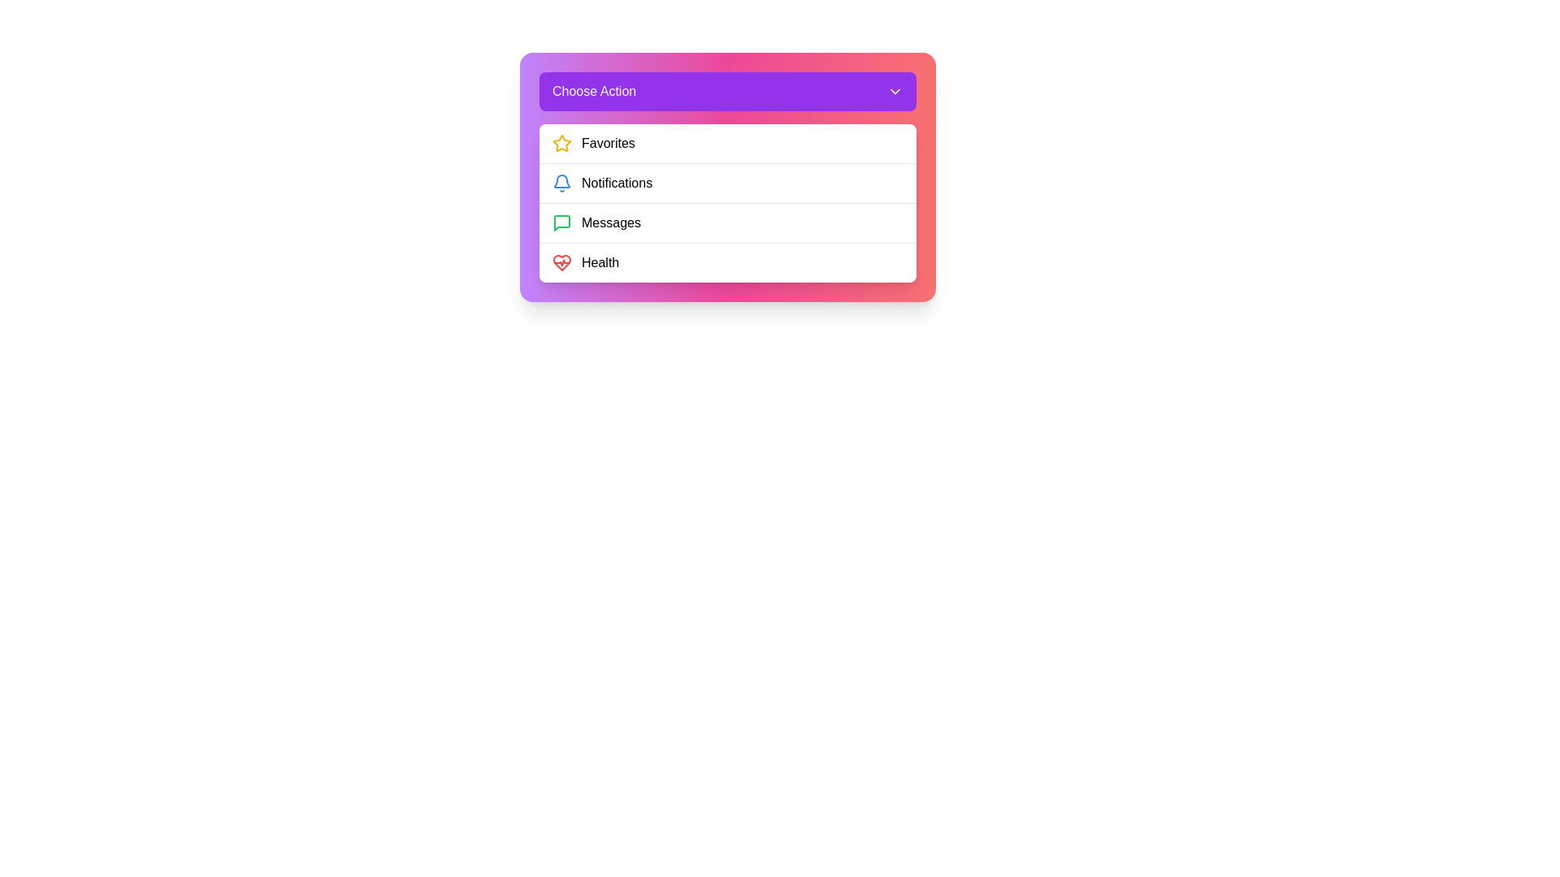  What do you see at coordinates (561, 262) in the screenshot?
I see `the red heart with a pulse SVG icon located to the left of the 'Health' label in the menu` at bounding box center [561, 262].